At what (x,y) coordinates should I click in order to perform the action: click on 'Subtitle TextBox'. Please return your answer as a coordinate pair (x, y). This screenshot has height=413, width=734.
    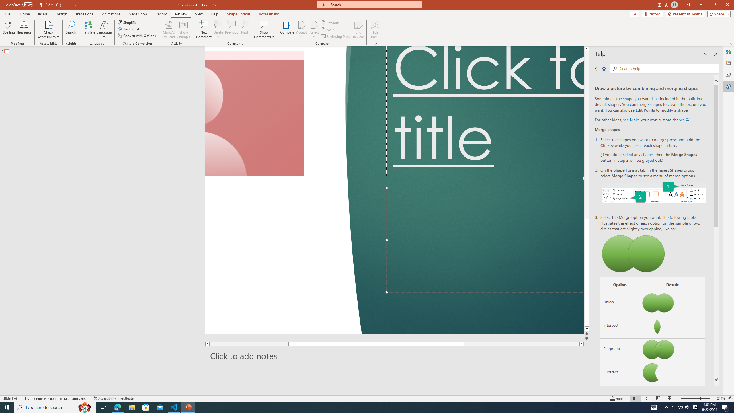
    Looking at the image, I should click on (485, 240).